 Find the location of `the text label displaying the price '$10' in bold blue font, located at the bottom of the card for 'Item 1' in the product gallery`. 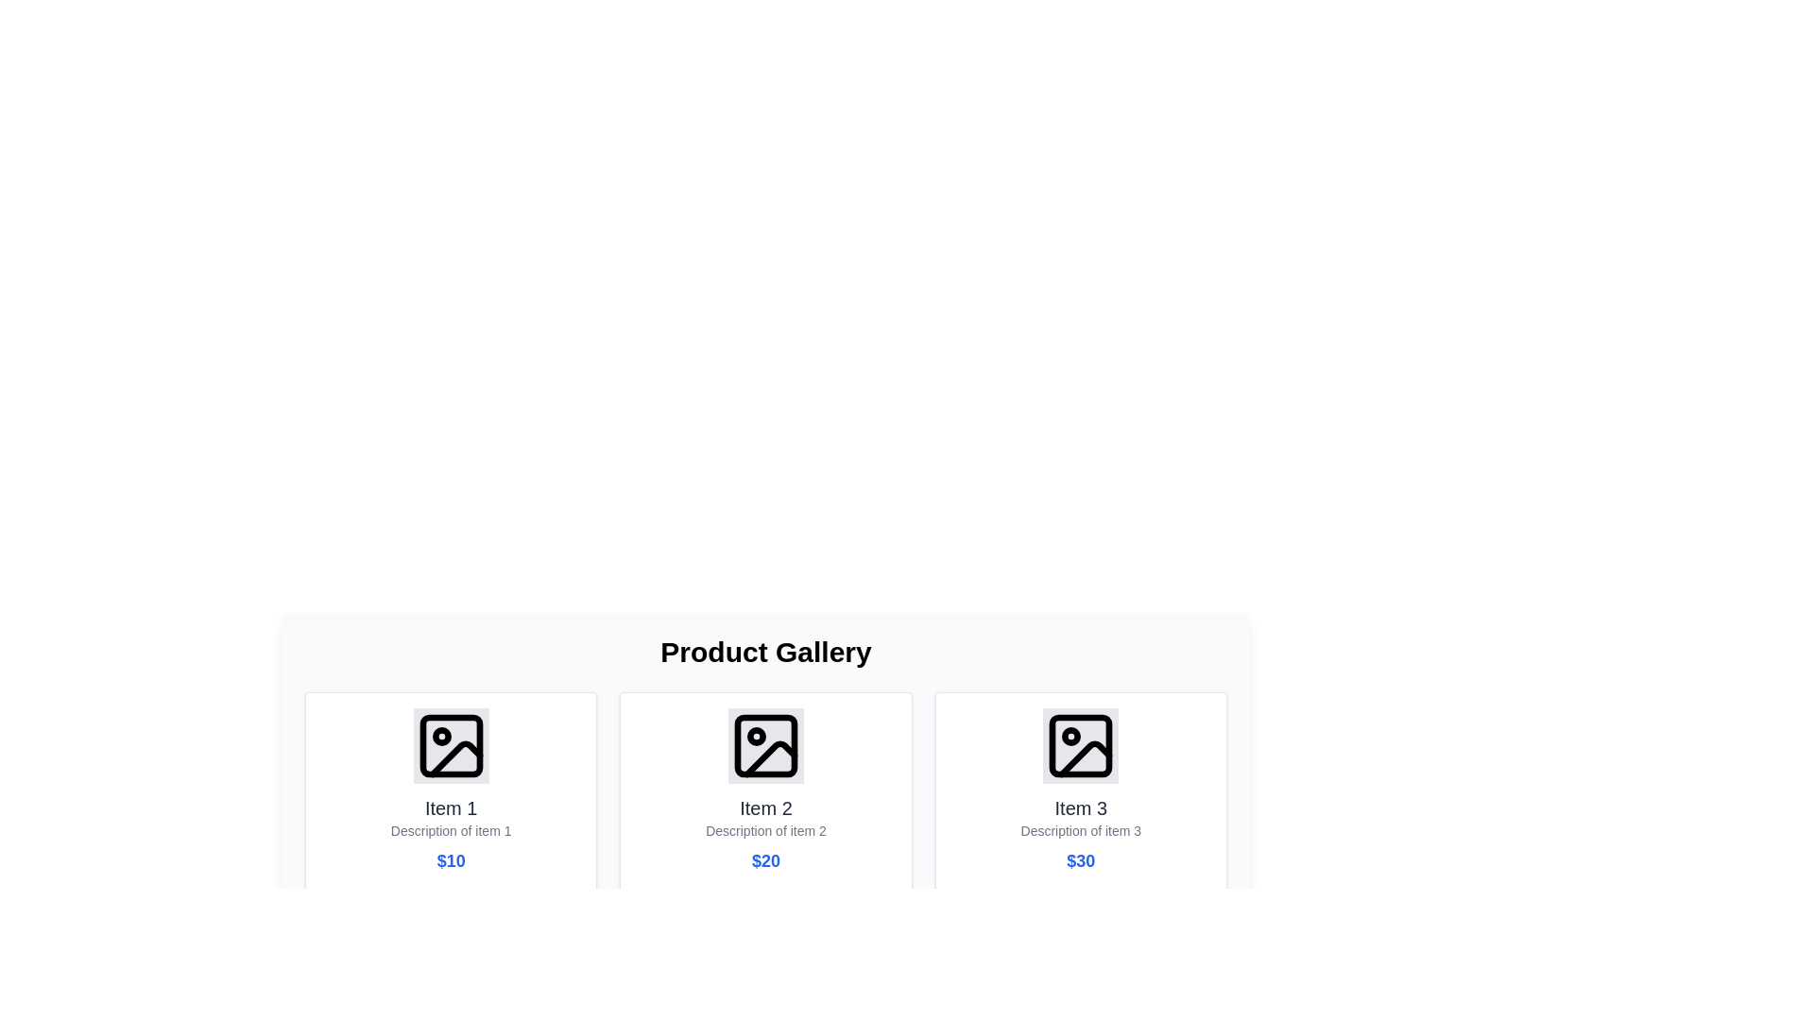

the text label displaying the price '$10' in bold blue font, located at the bottom of the card for 'Item 1' in the product gallery is located at coordinates (450, 860).